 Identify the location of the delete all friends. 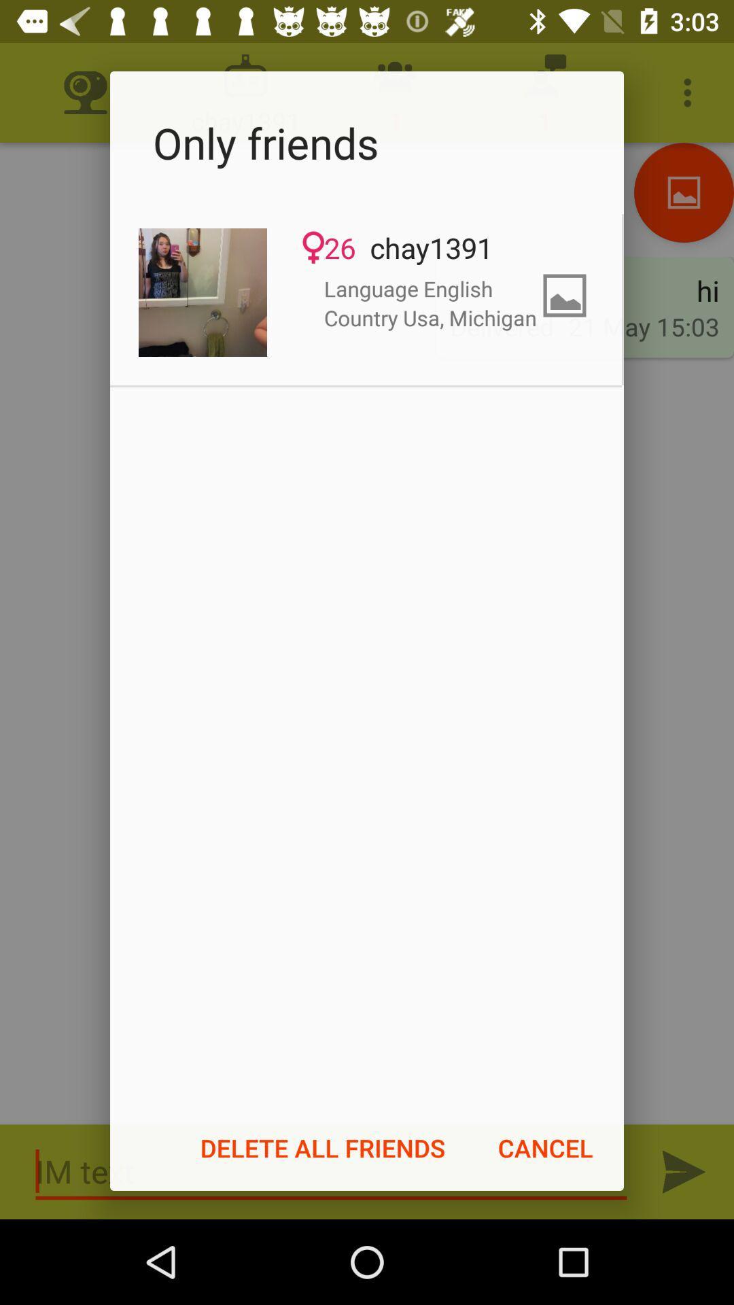
(323, 1147).